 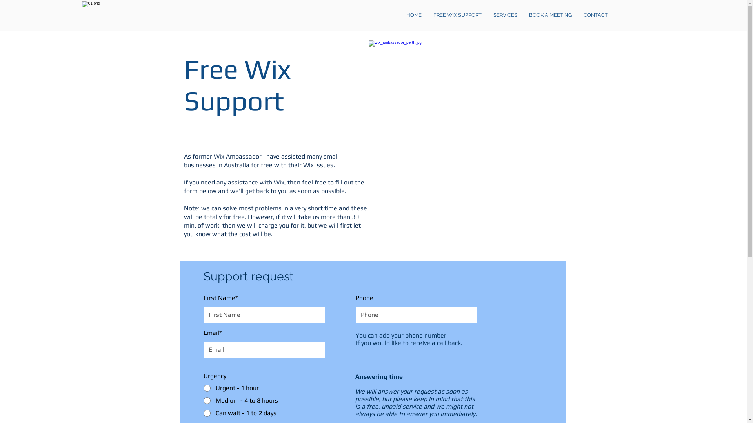 I want to click on 'FREE WIX SUPPORT', so click(x=457, y=15).